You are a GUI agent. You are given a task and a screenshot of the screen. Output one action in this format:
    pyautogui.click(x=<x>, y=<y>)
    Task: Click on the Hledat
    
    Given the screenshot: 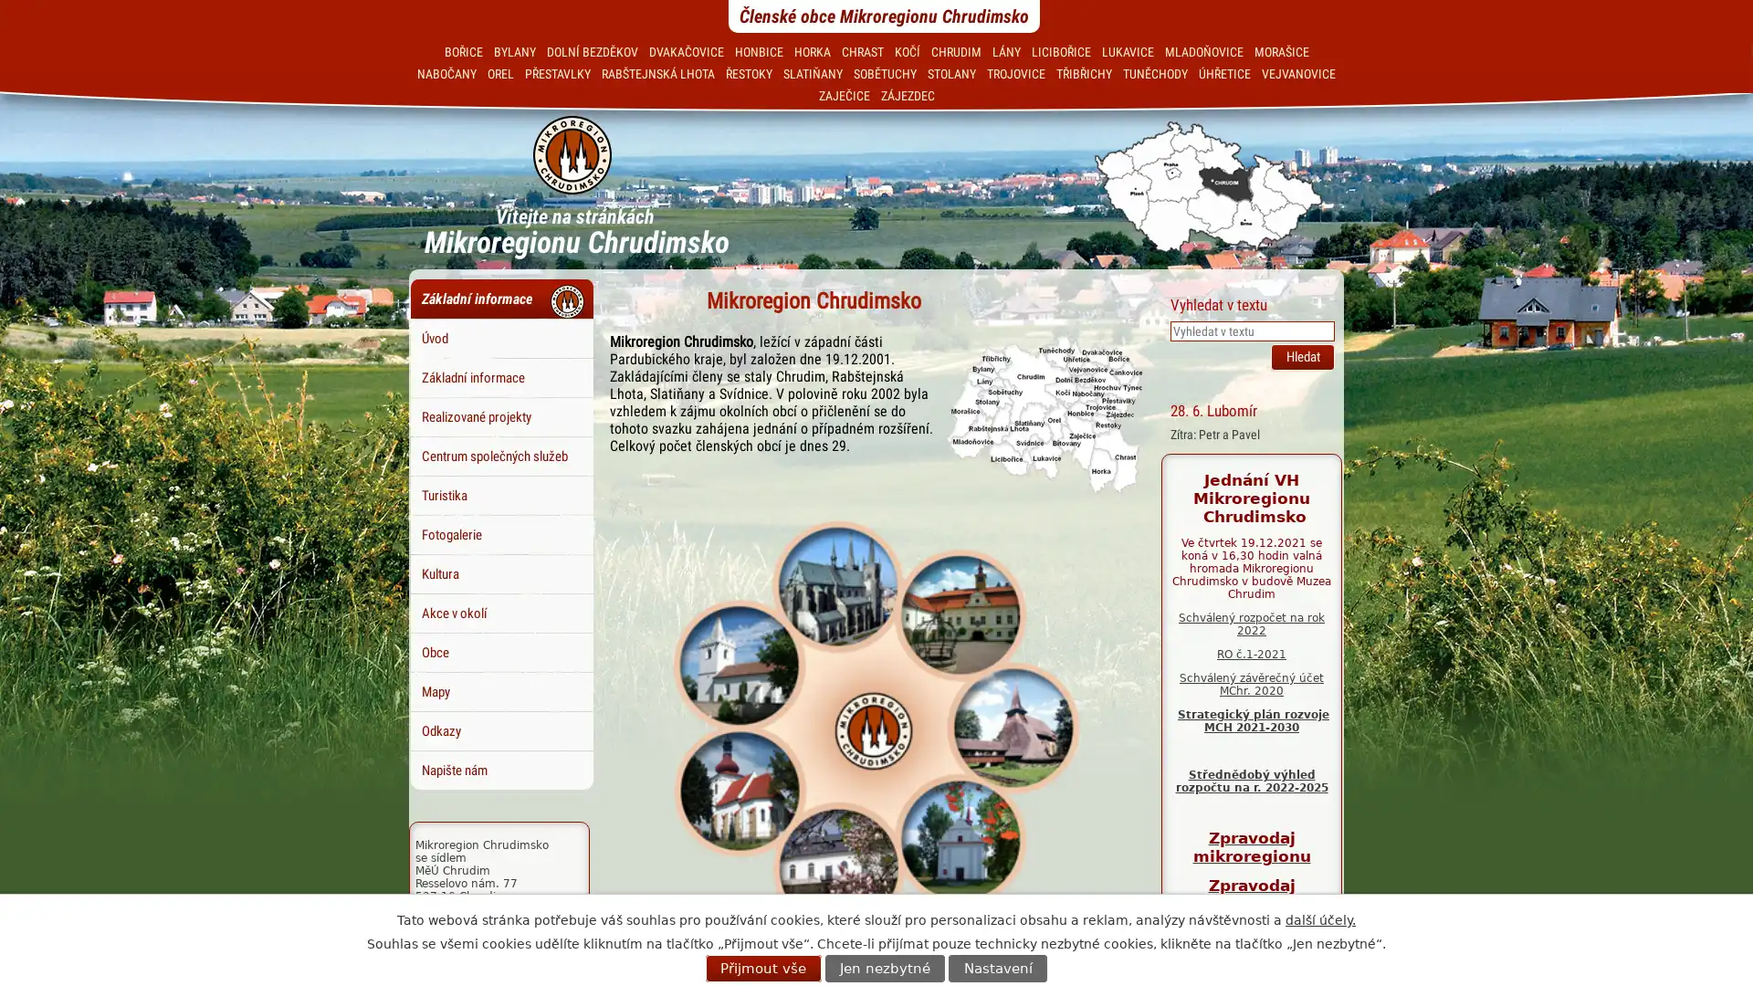 What is the action you would take?
    pyautogui.click(x=1301, y=356)
    